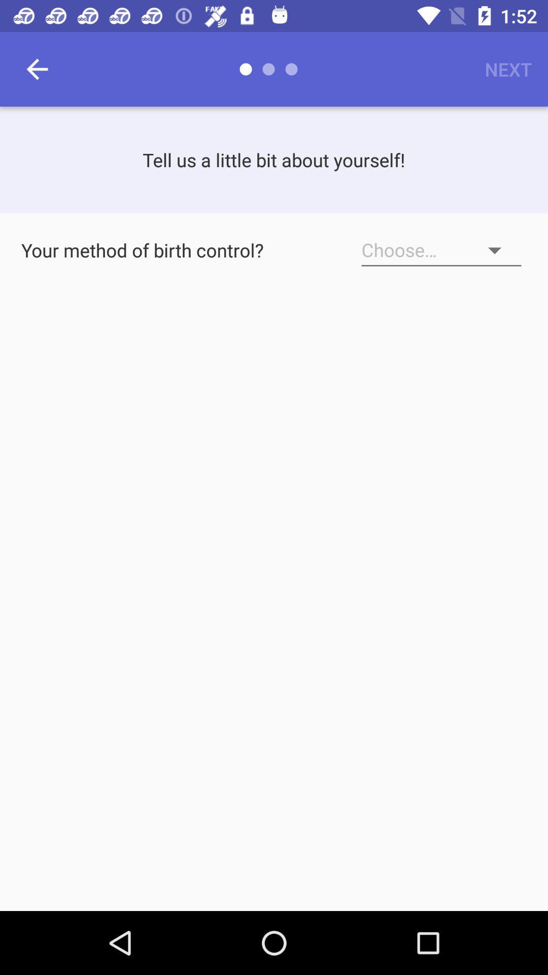  I want to click on drop down box to choose your method of birth control, so click(441, 250).